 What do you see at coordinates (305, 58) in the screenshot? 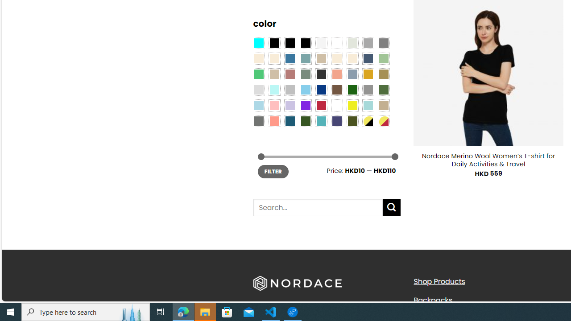
I see `'Blue Sage'` at bounding box center [305, 58].